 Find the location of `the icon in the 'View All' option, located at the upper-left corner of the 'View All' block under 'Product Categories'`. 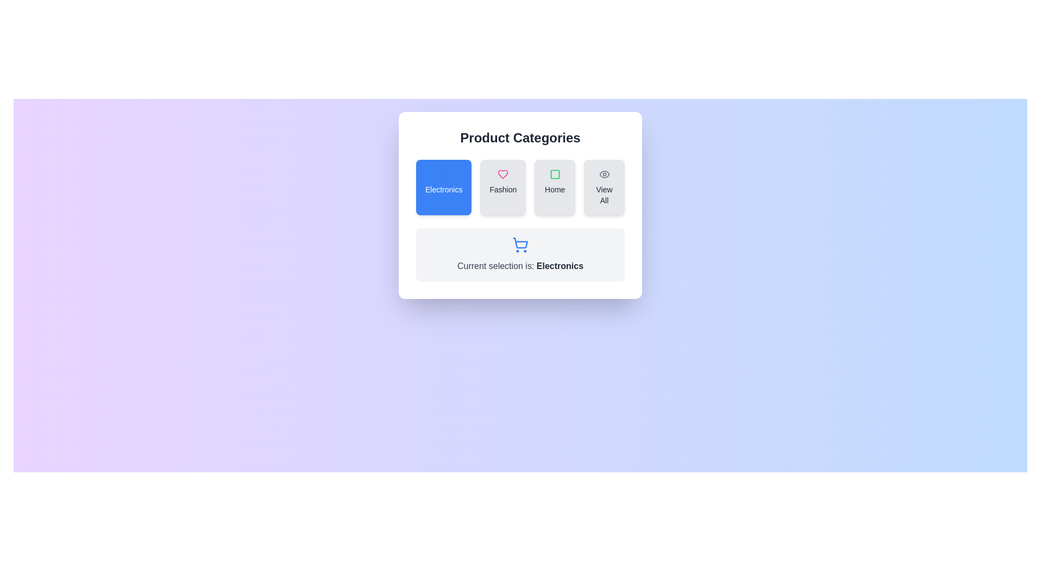

the icon in the 'View All' option, located at the upper-left corner of the 'View All' block under 'Product Categories' is located at coordinates (604, 173).